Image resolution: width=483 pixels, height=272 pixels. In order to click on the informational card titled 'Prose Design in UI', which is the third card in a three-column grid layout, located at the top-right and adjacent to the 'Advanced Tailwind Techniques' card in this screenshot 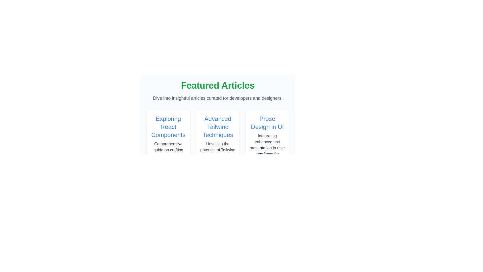, I will do `click(267, 152)`.